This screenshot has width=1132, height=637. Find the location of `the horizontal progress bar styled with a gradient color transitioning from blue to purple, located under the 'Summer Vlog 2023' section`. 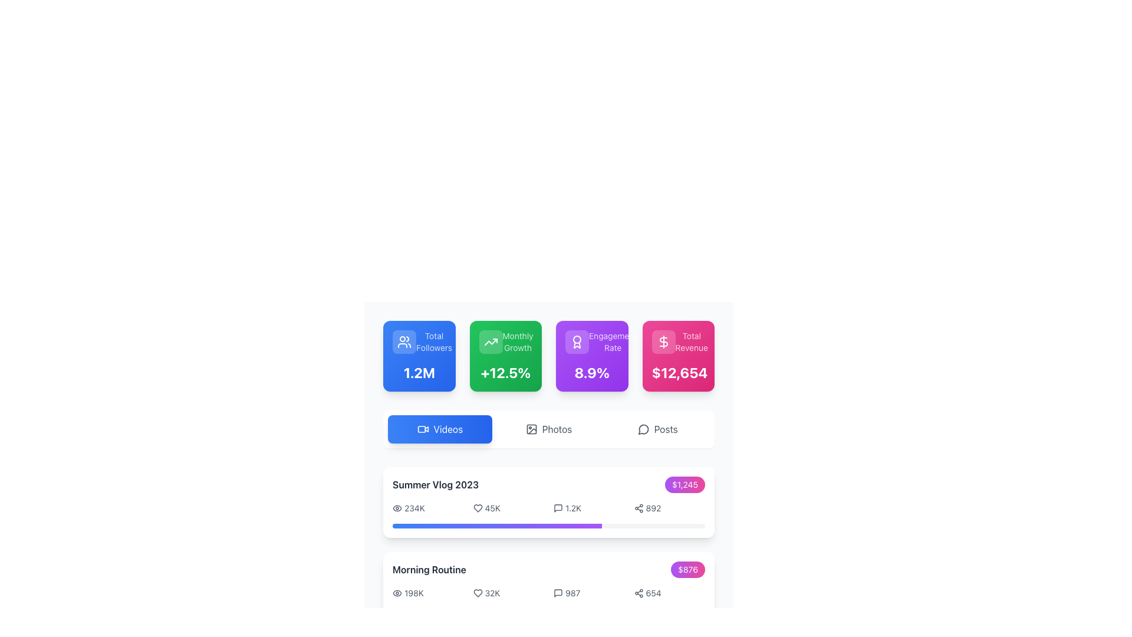

the horizontal progress bar styled with a gradient color transitioning from blue to purple, located under the 'Summer Vlog 2023' section is located at coordinates (497, 525).